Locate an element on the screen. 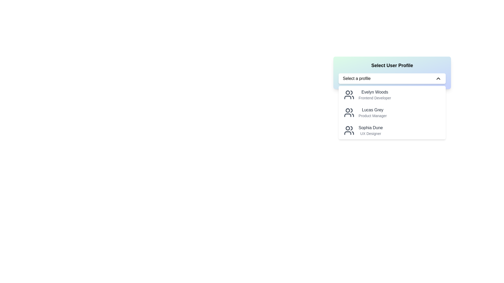 The height and width of the screenshot is (283, 504). the upward-pointing chevron icon located at the top-right corner of the 'Select a profile' text box is located at coordinates (438, 79).